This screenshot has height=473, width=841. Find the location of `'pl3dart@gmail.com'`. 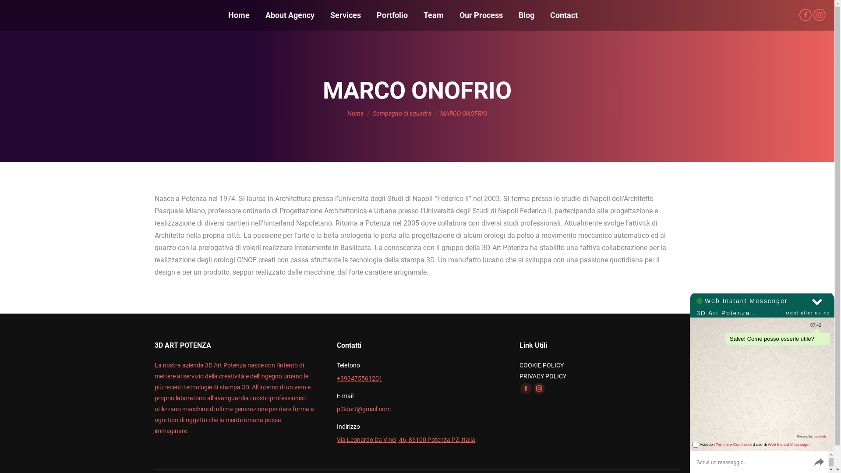

'pl3dart@gmail.com' is located at coordinates (364, 409).